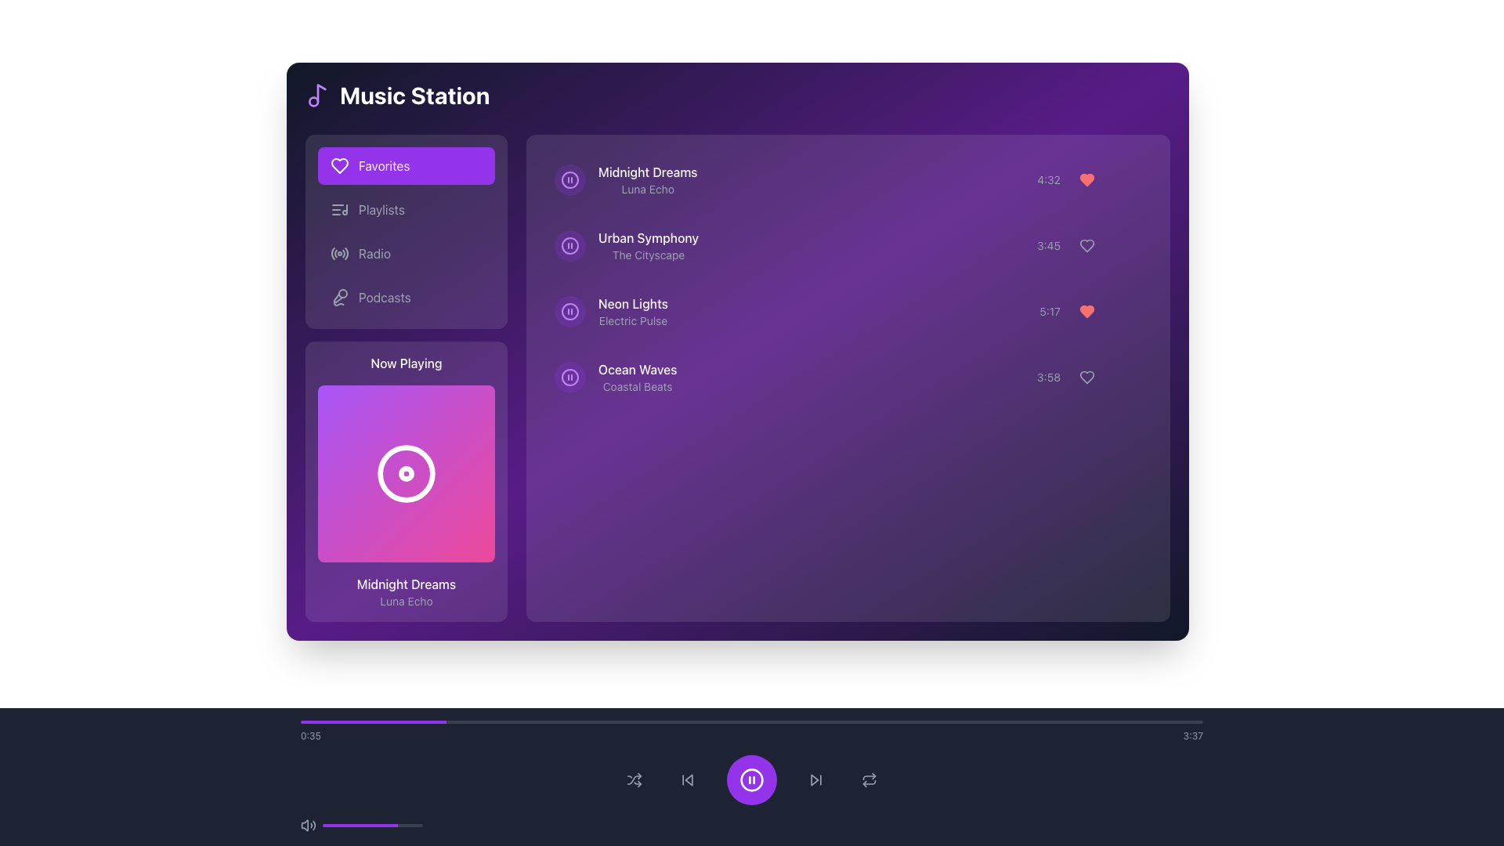 Image resolution: width=1504 pixels, height=846 pixels. Describe the element at coordinates (406, 480) in the screenshot. I see `the interactive card in the left sidebar that indicates the currently playing media` at that location.